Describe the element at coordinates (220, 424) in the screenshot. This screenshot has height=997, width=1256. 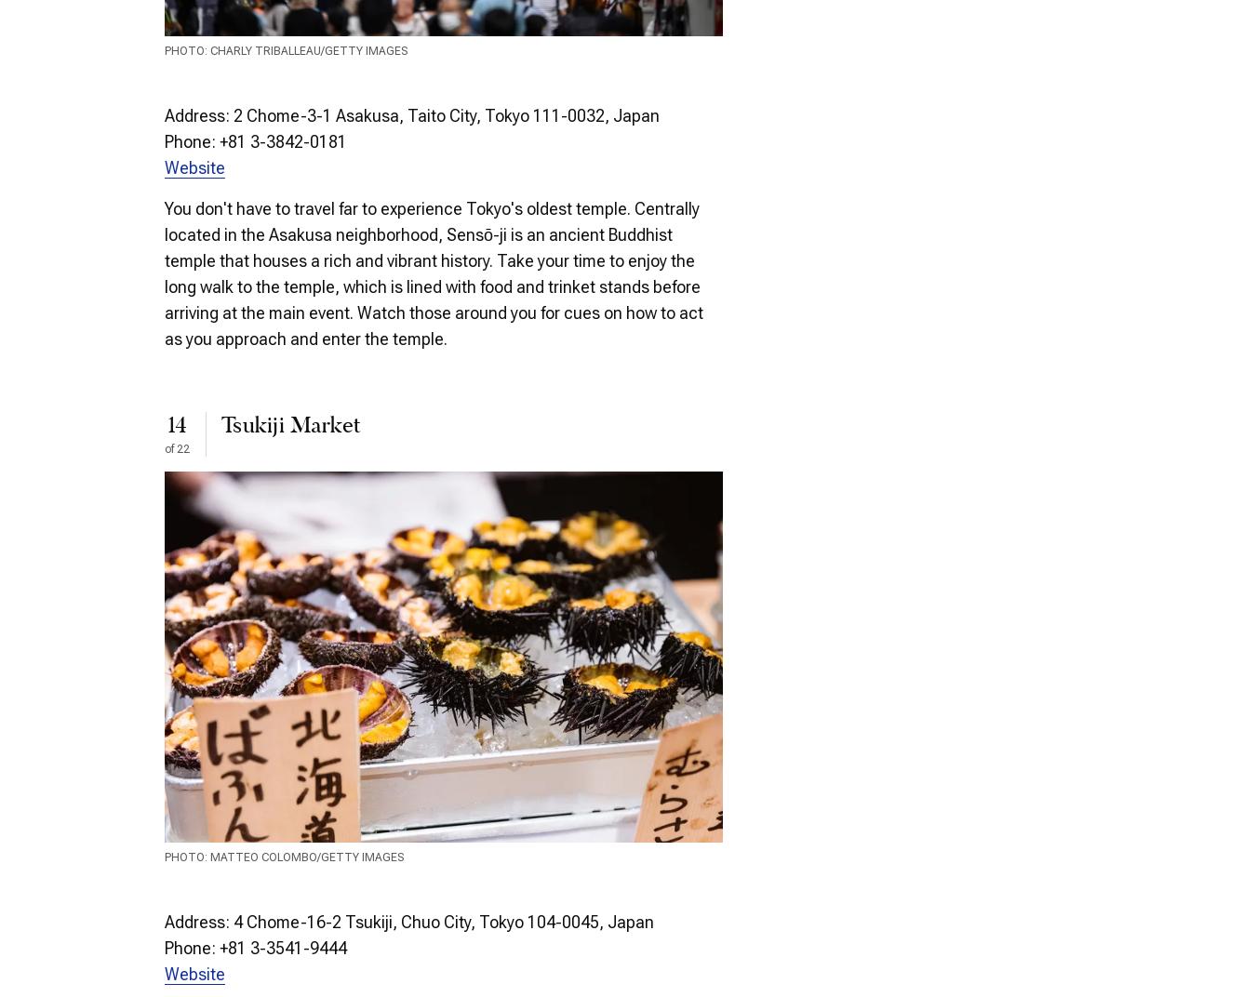
I see `'Tsukiji Market'` at that location.